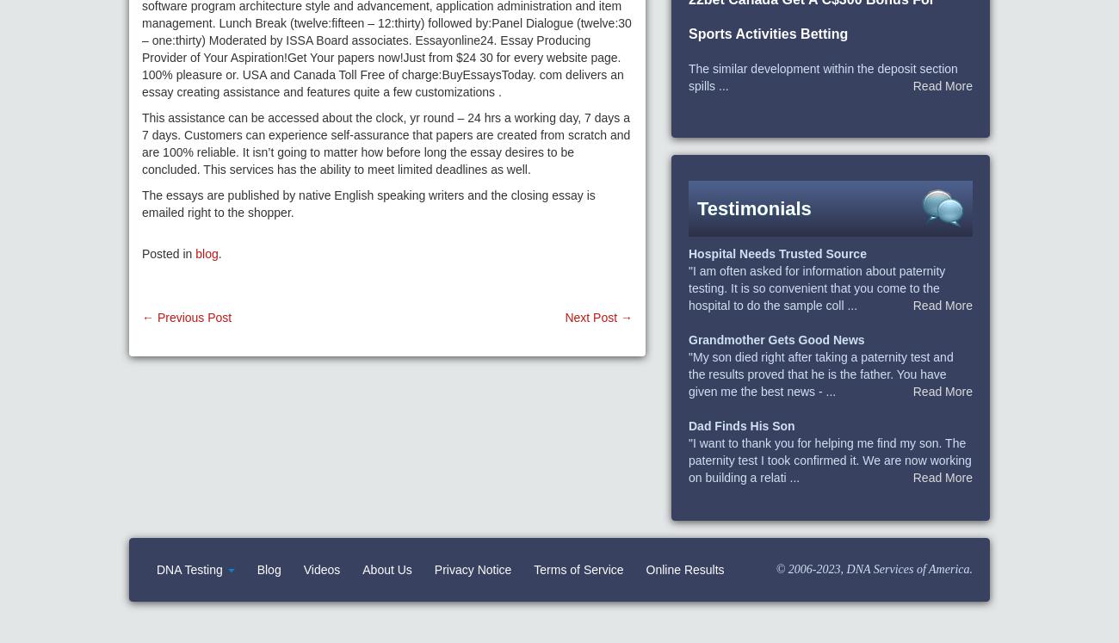 The width and height of the screenshot is (1119, 643). What do you see at coordinates (696, 207) in the screenshot?
I see `'Testimonials'` at bounding box center [696, 207].